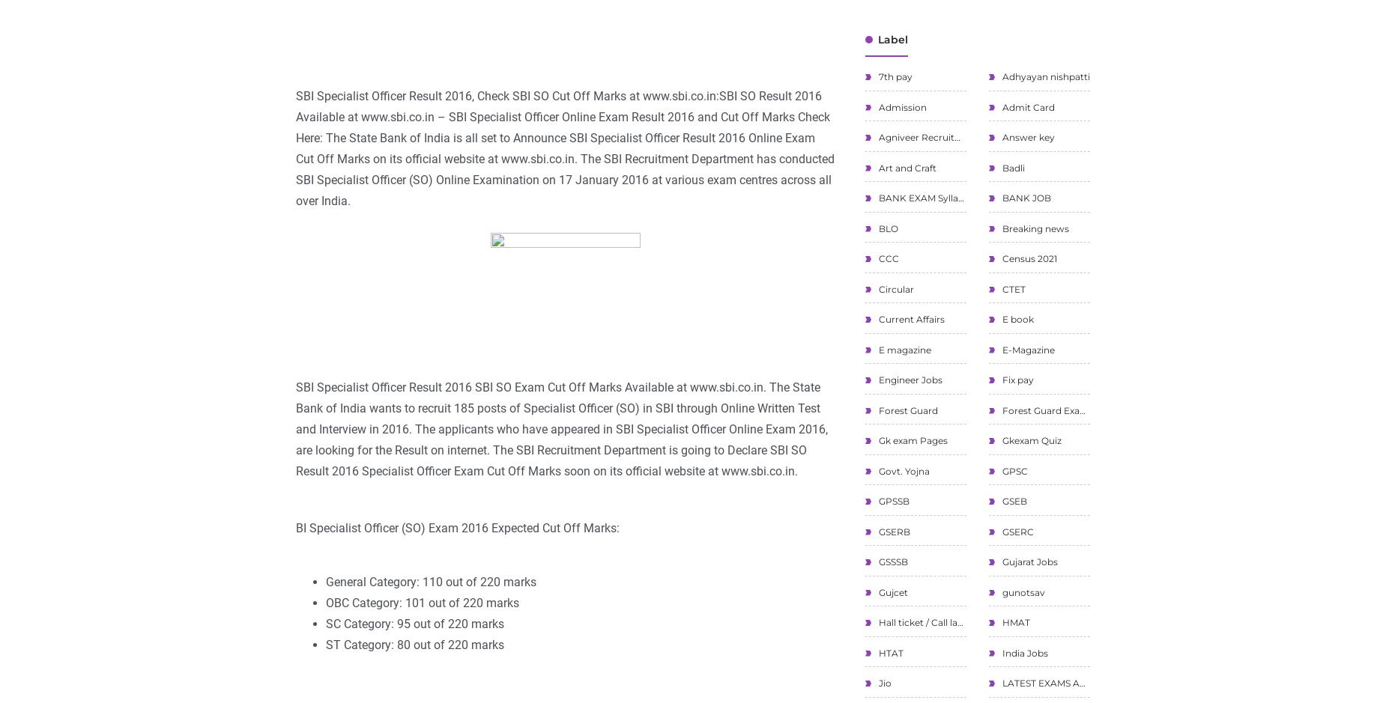  What do you see at coordinates (886, 258) in the screenshot?
I see `'CCC'` at bounding box center [886, 258].